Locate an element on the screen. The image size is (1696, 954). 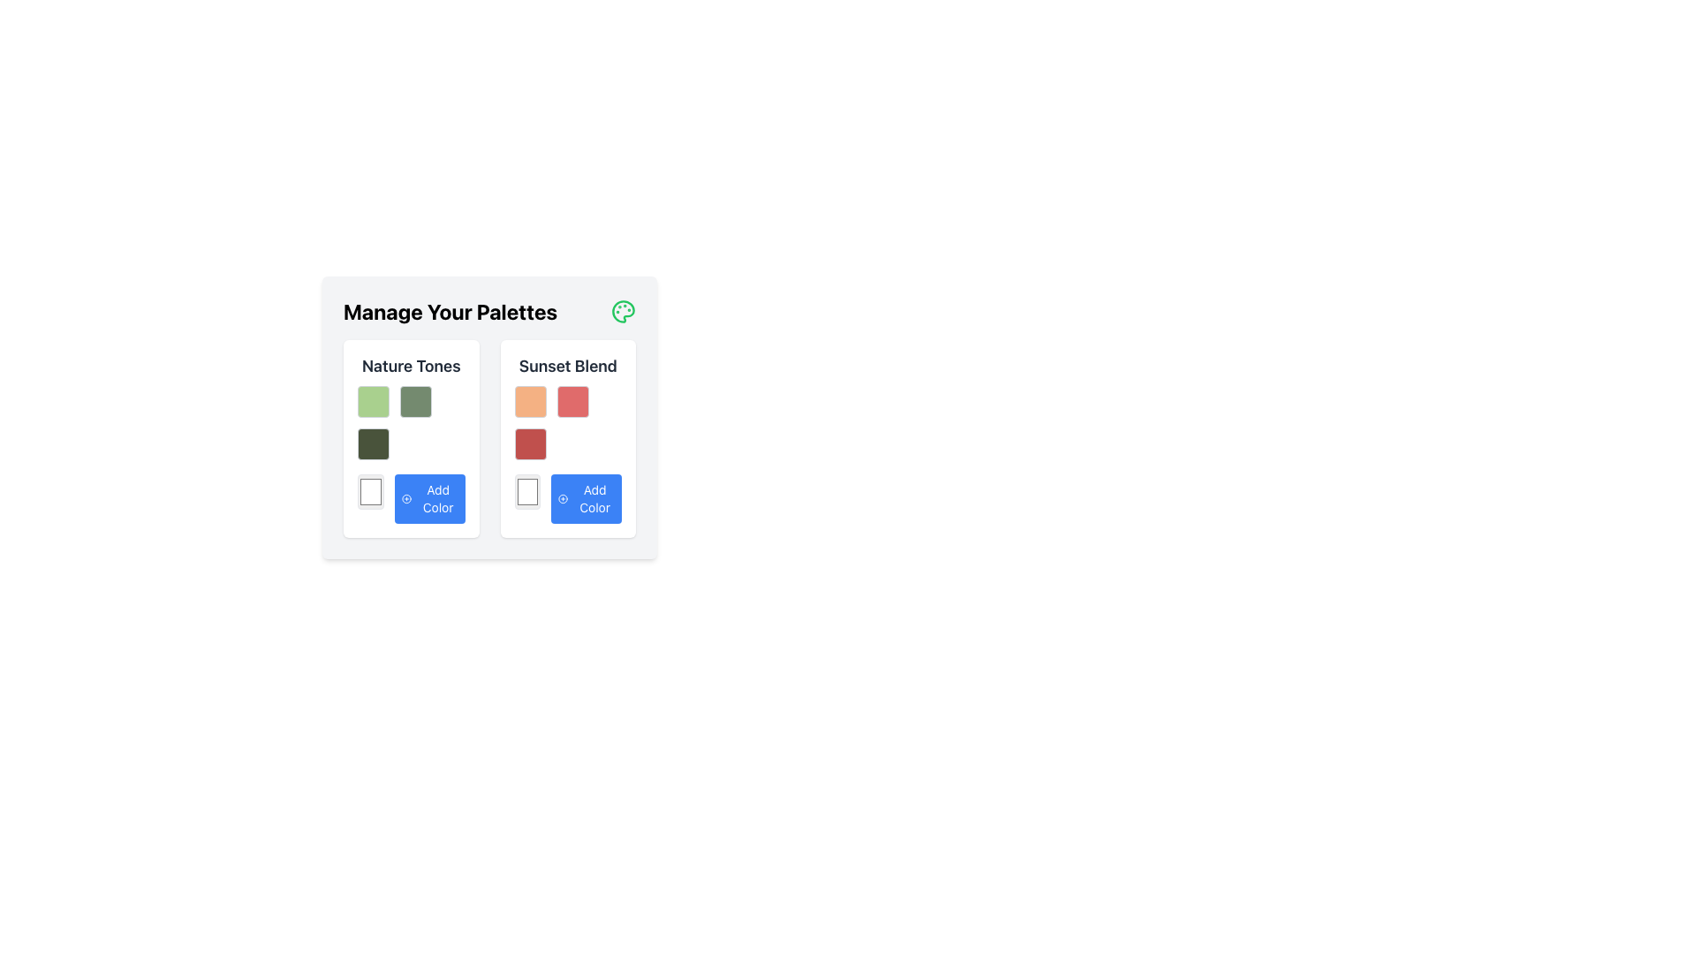
the circular plus icon located on the left side of the 'Add Color' button in the 'Nature Tones' panel of the 'Manage Your Palettes' interface is located at coordinates (405, 498).